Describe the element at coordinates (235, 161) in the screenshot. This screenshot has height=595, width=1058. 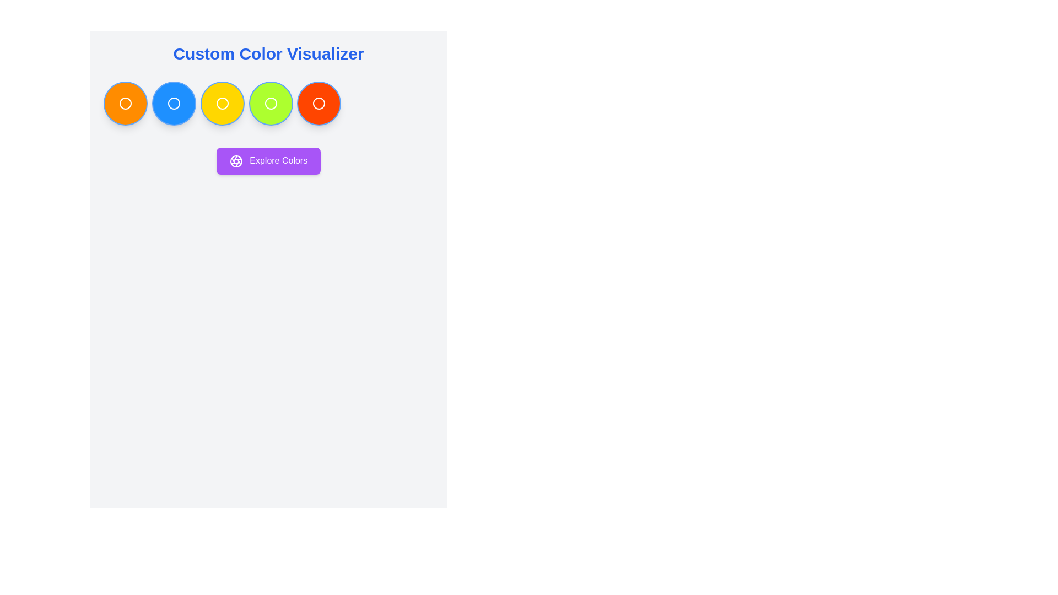
I see `the small circular icon with an aperture-like design located to the left of the text 'Explore Colors' within the purple button` at that location.